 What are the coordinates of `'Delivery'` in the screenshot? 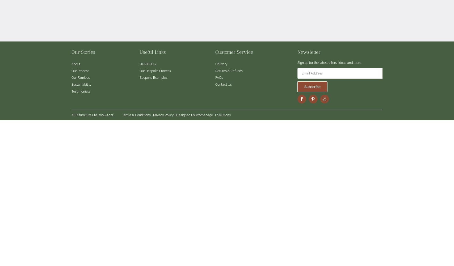 It's located at (221, 64).